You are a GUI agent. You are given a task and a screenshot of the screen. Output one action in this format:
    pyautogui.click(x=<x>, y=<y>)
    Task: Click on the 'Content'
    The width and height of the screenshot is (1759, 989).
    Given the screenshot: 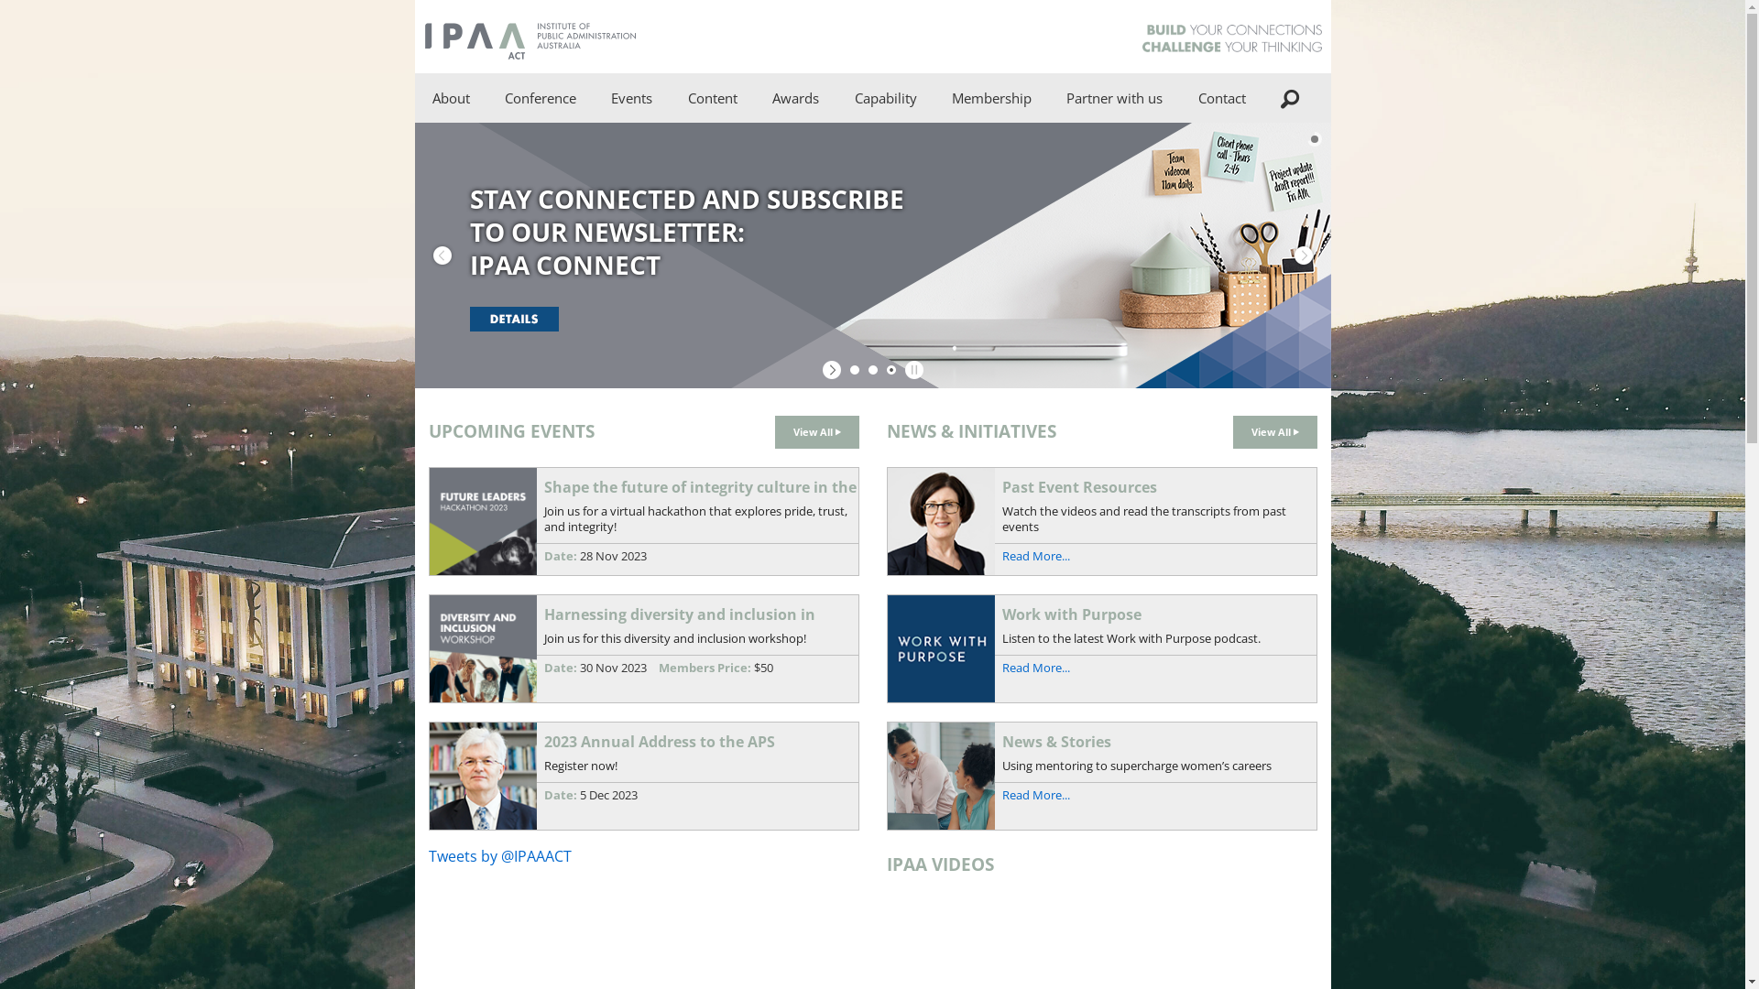 What is the action you would take?
    pyautogui.click(x=669, y=98)
    